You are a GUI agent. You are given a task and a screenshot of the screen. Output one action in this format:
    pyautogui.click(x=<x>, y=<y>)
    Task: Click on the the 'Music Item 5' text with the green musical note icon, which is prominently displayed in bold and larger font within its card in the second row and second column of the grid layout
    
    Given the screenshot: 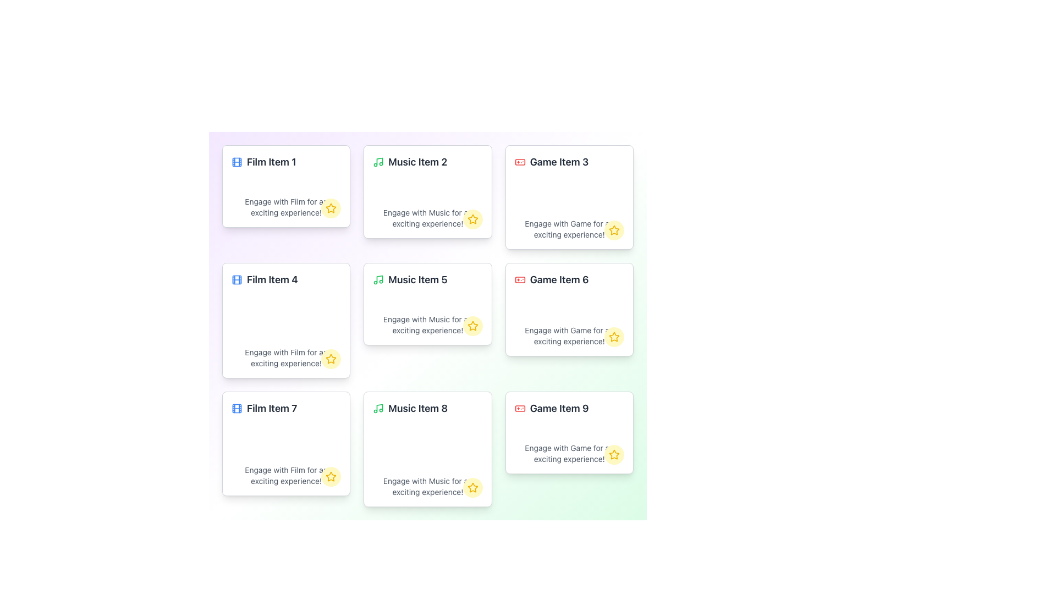 What is the action you would take?
    pyautogui.click(x=427, y=279)
    